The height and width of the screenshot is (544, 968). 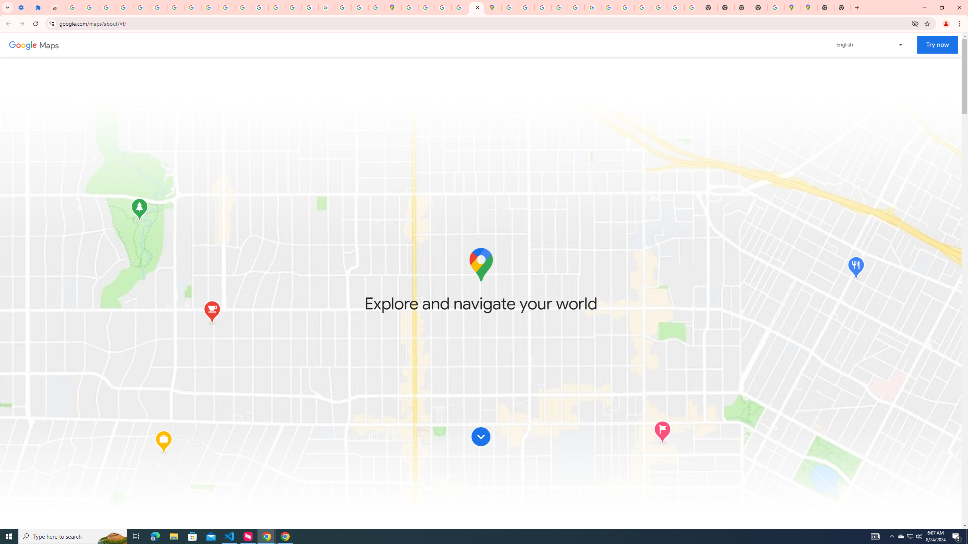 What do you see at coordinates (73, 7) in the screenshot?
I see `'Sign in - Google Accounts'` at bounding box center [73, 7].